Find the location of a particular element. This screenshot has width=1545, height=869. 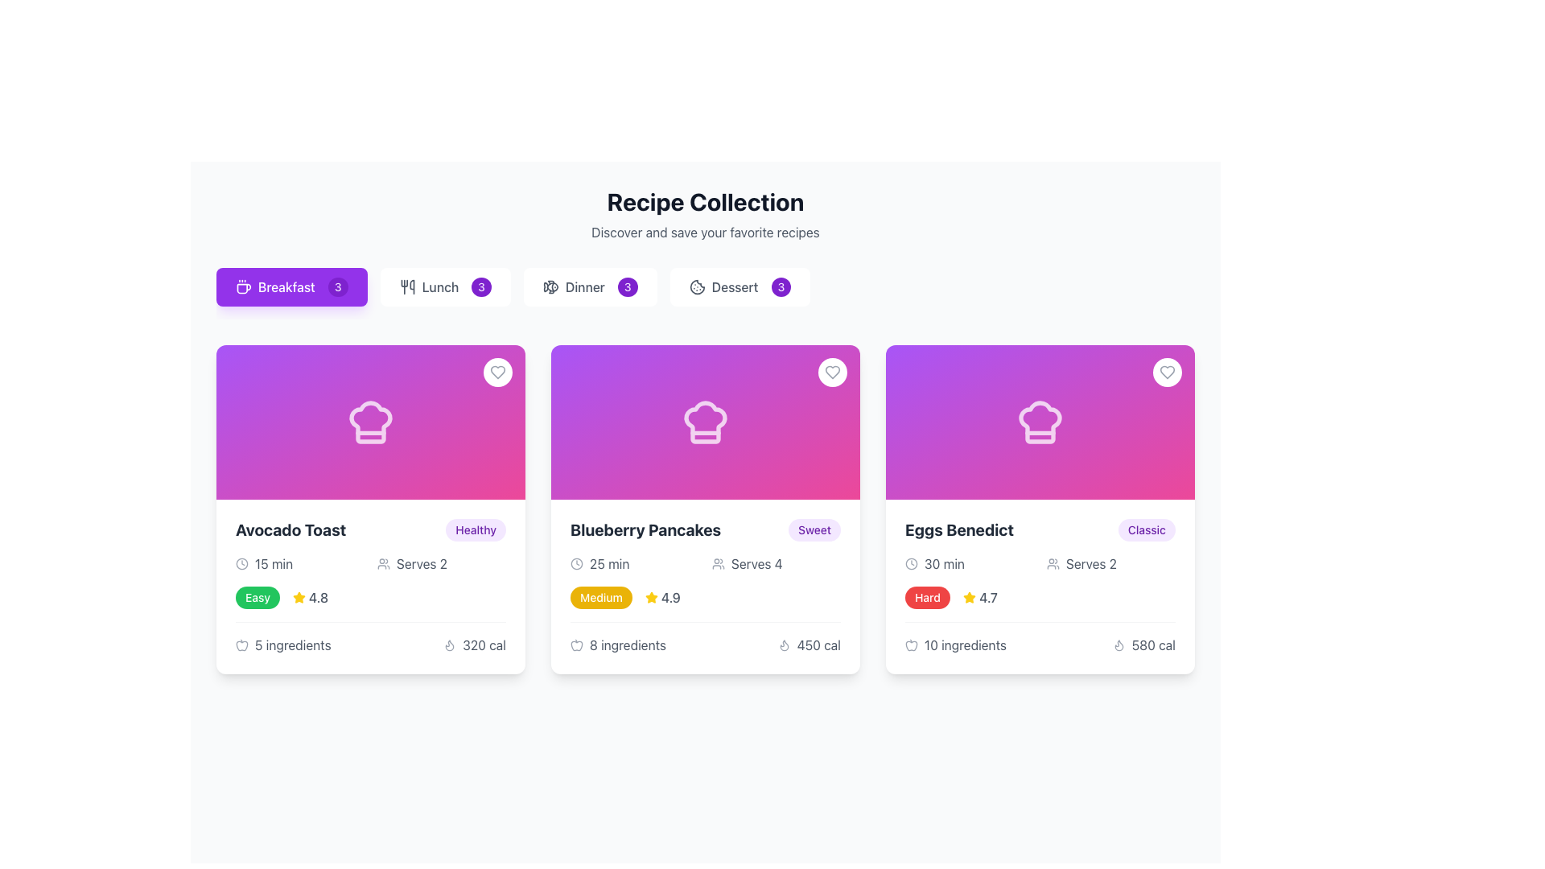

the pill-shaped label that displays the word 'Easy' in white font with a green background, located to the left of a star icon and a rating score ('4.8') within the 'Avocado Toast' card is located at coordinates (257, 598).